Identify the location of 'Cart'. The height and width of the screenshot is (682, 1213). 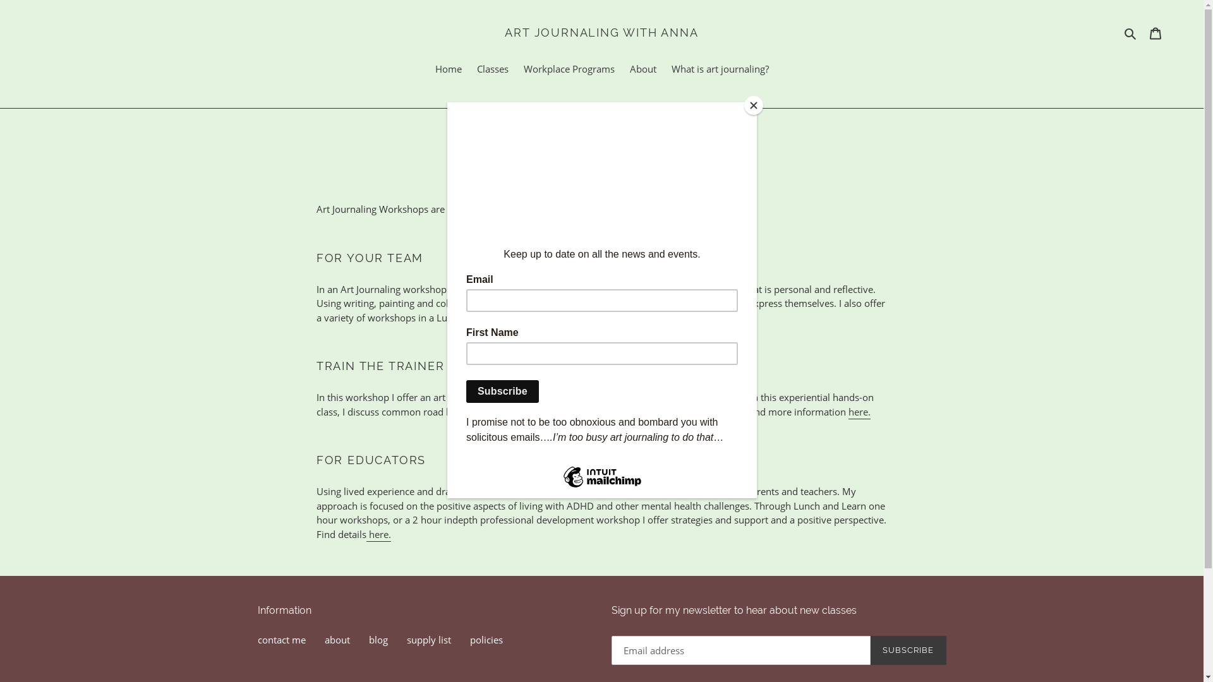
(1155, 32).